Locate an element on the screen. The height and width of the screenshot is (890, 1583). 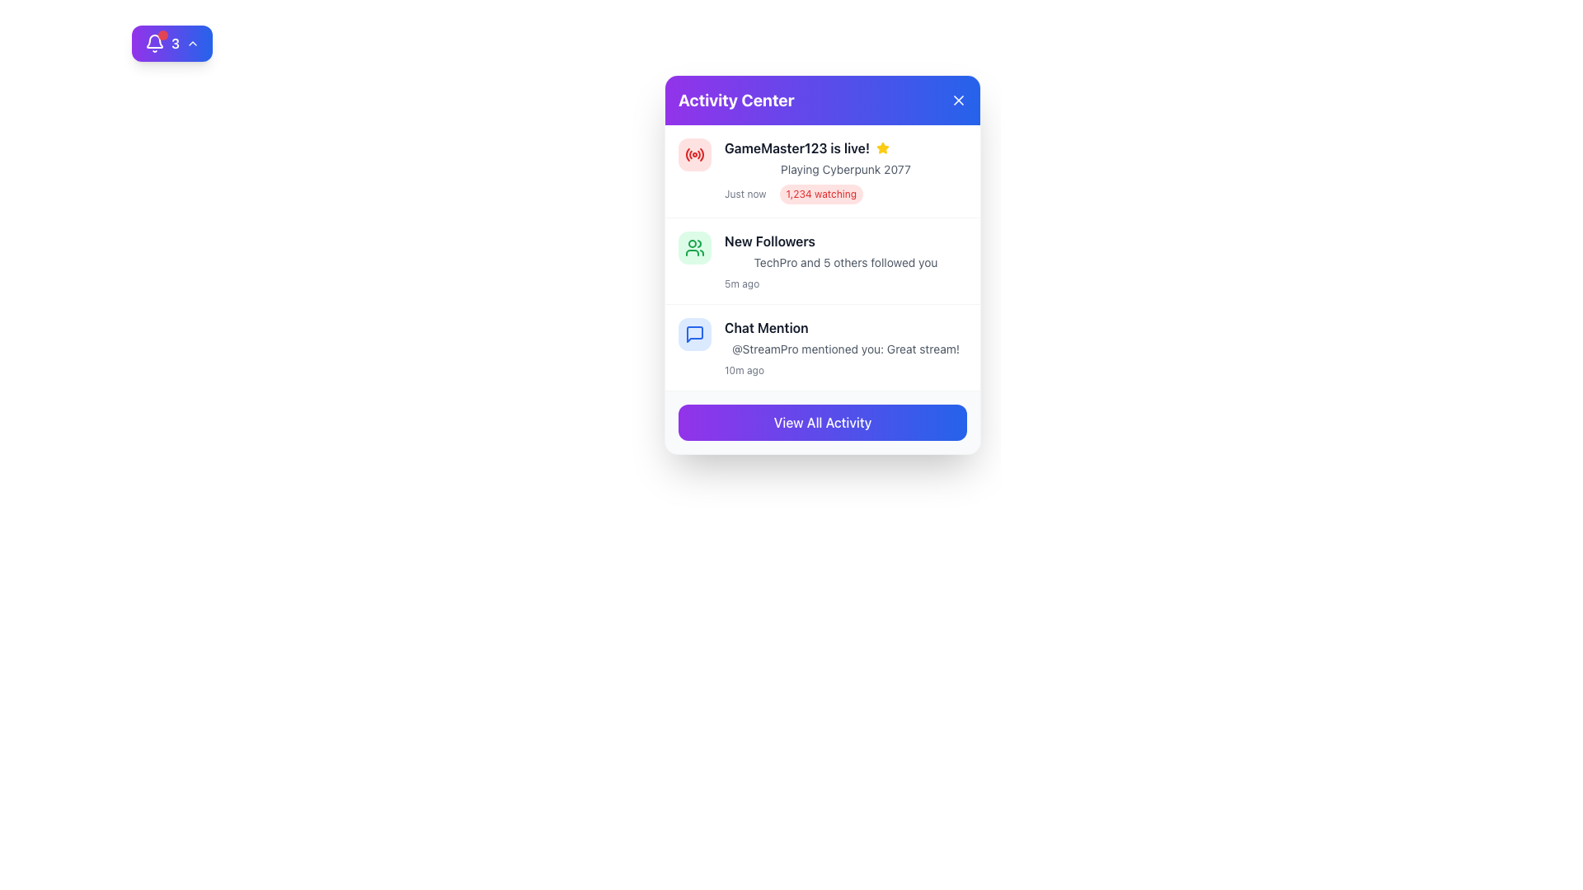
activity updates displayed in the Panel section titled 'Activity Center', which provides information on live statuses, follower gains, and chat mentions is located at coordinates (823, 257).